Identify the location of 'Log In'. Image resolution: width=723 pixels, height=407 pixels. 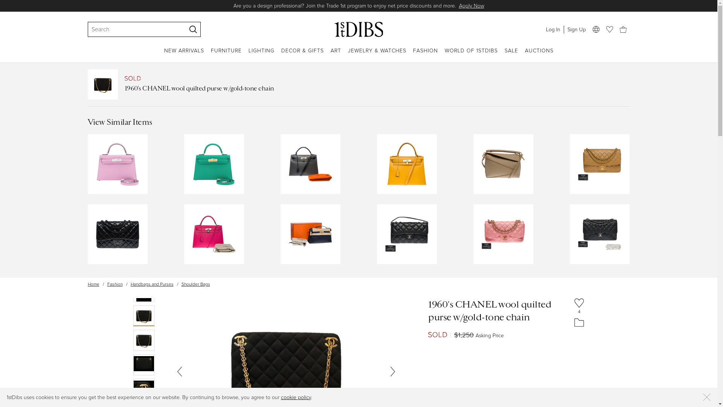
(542, 29).